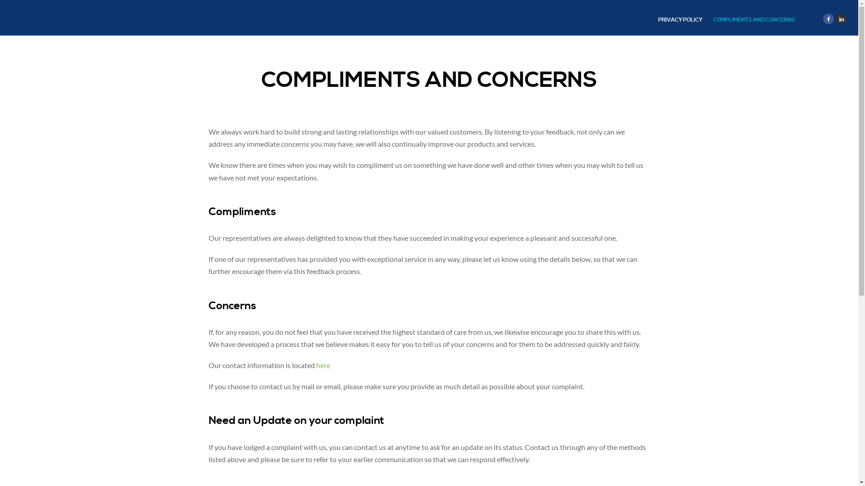 The height and width of the screenshot is (486, 865). What do you see at coordinates (828, 19) in the screenshot?
I see `'Facebook'` at bounding box center [828, 19].